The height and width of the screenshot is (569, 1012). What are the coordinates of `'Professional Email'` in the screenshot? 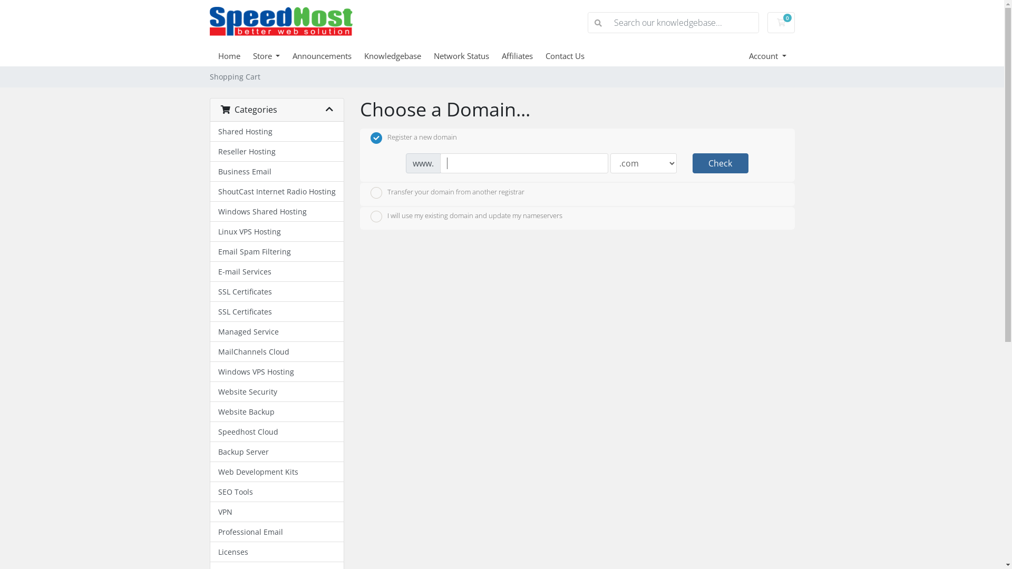 It's located at (210, 532).